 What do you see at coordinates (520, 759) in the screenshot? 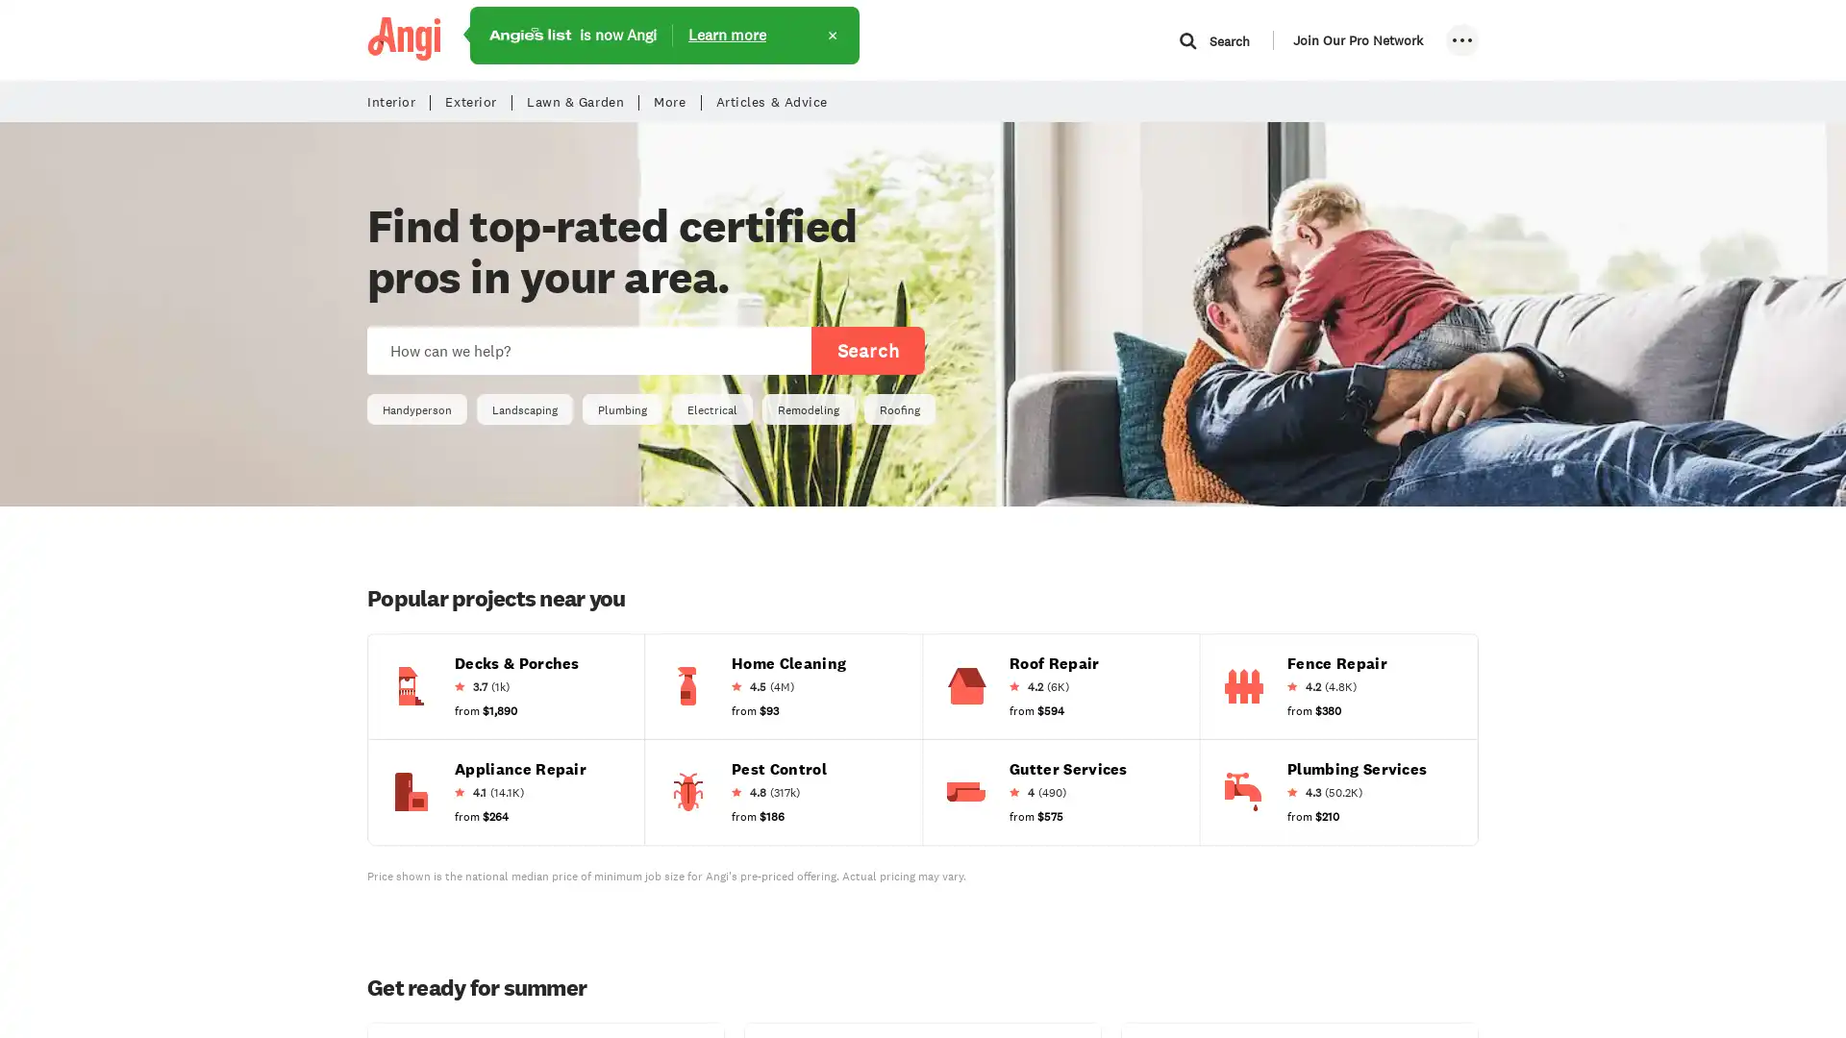
I see `Submit a request for Appliances (All Types) - Repair or Service.` at bounding box center [520, 759].